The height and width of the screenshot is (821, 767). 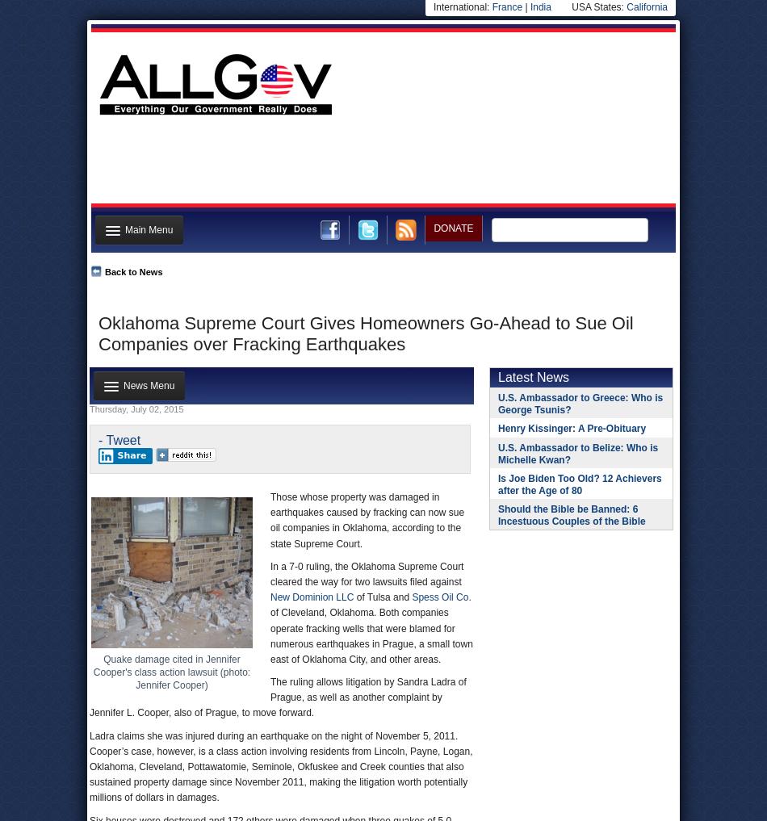 What do you see at coordinates (366, 520) in the screenshot?
I see `'Those whose property was damaged in earthquakes caused by fracking can now sue oil companies in Oklahoma, according to the state Supreme Court.'` at bounding box center [366, 520].